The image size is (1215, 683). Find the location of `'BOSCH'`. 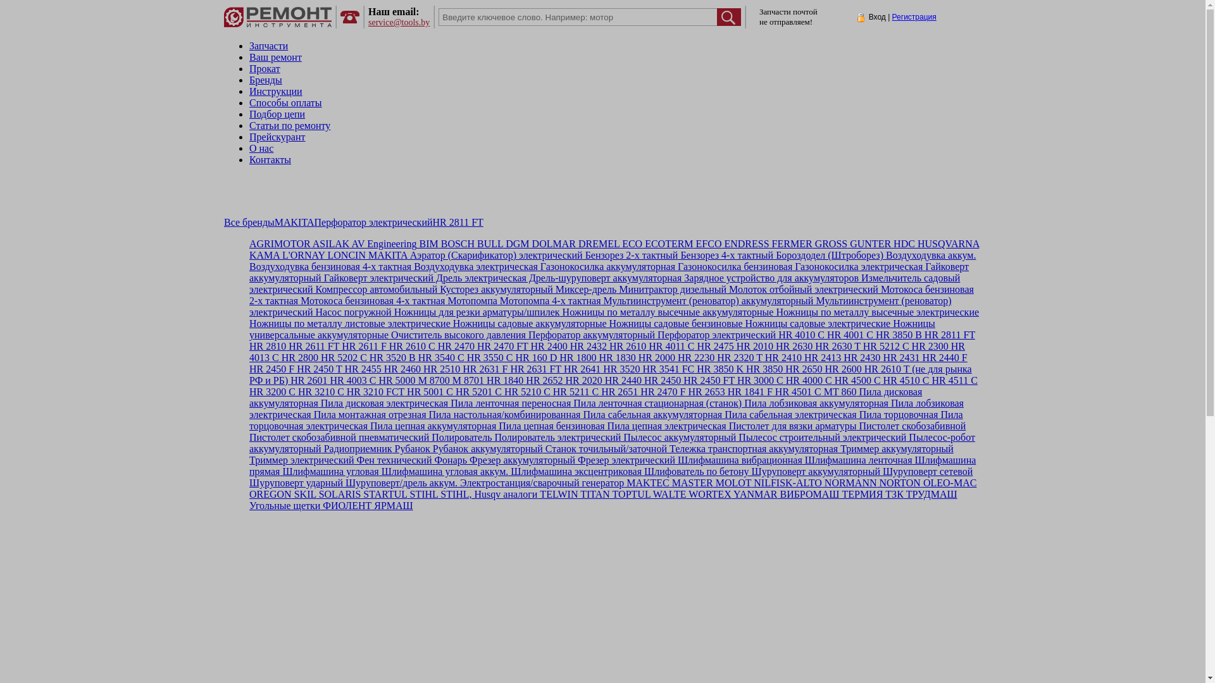

'BOSCH' is located at coordinates (456, 243).